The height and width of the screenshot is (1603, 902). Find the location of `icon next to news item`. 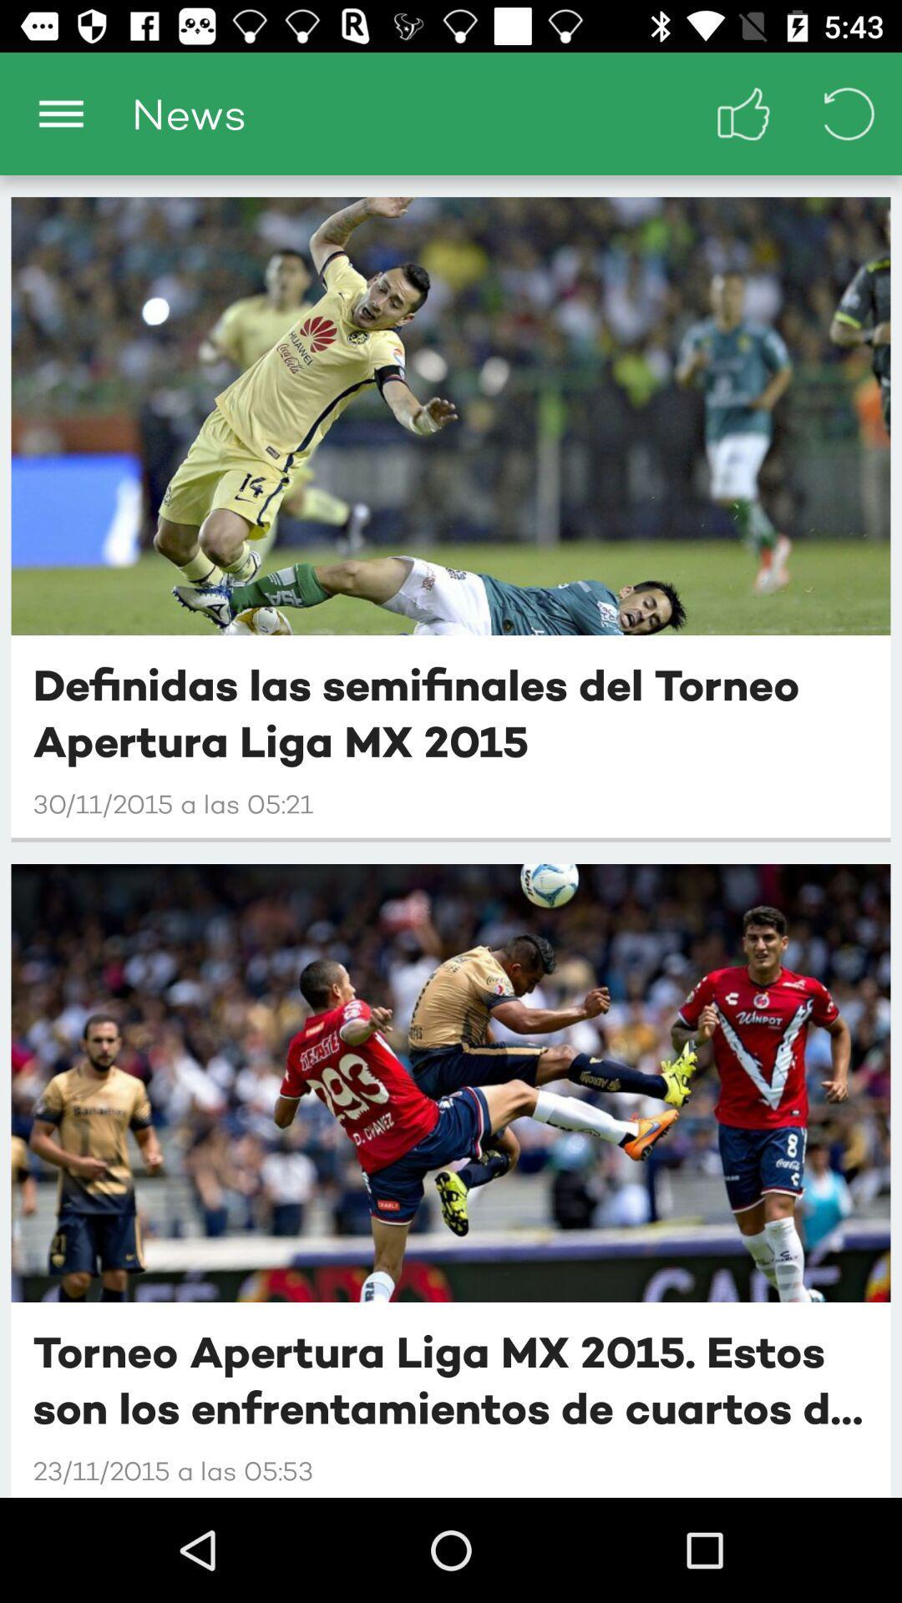

icon next to news item is located at coordinates (60, 113).